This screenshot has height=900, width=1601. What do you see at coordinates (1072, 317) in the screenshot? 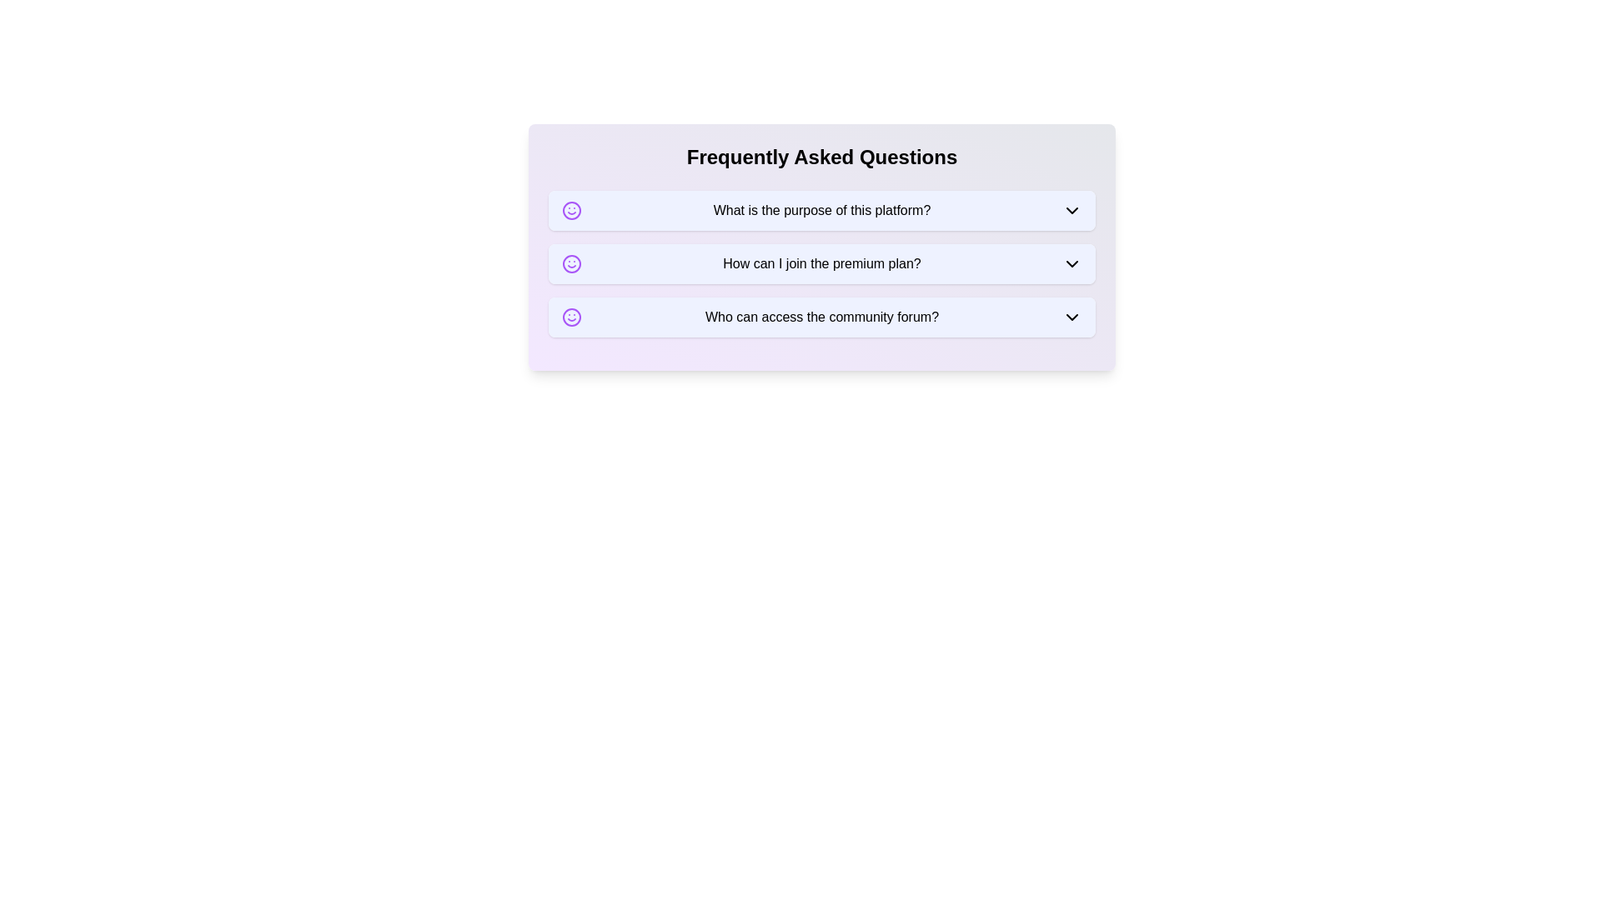
I see `the Chevron-Down icon located at the end of the row containing the text 'Who can access the community forum?'` at bounding box center [1072, 317].